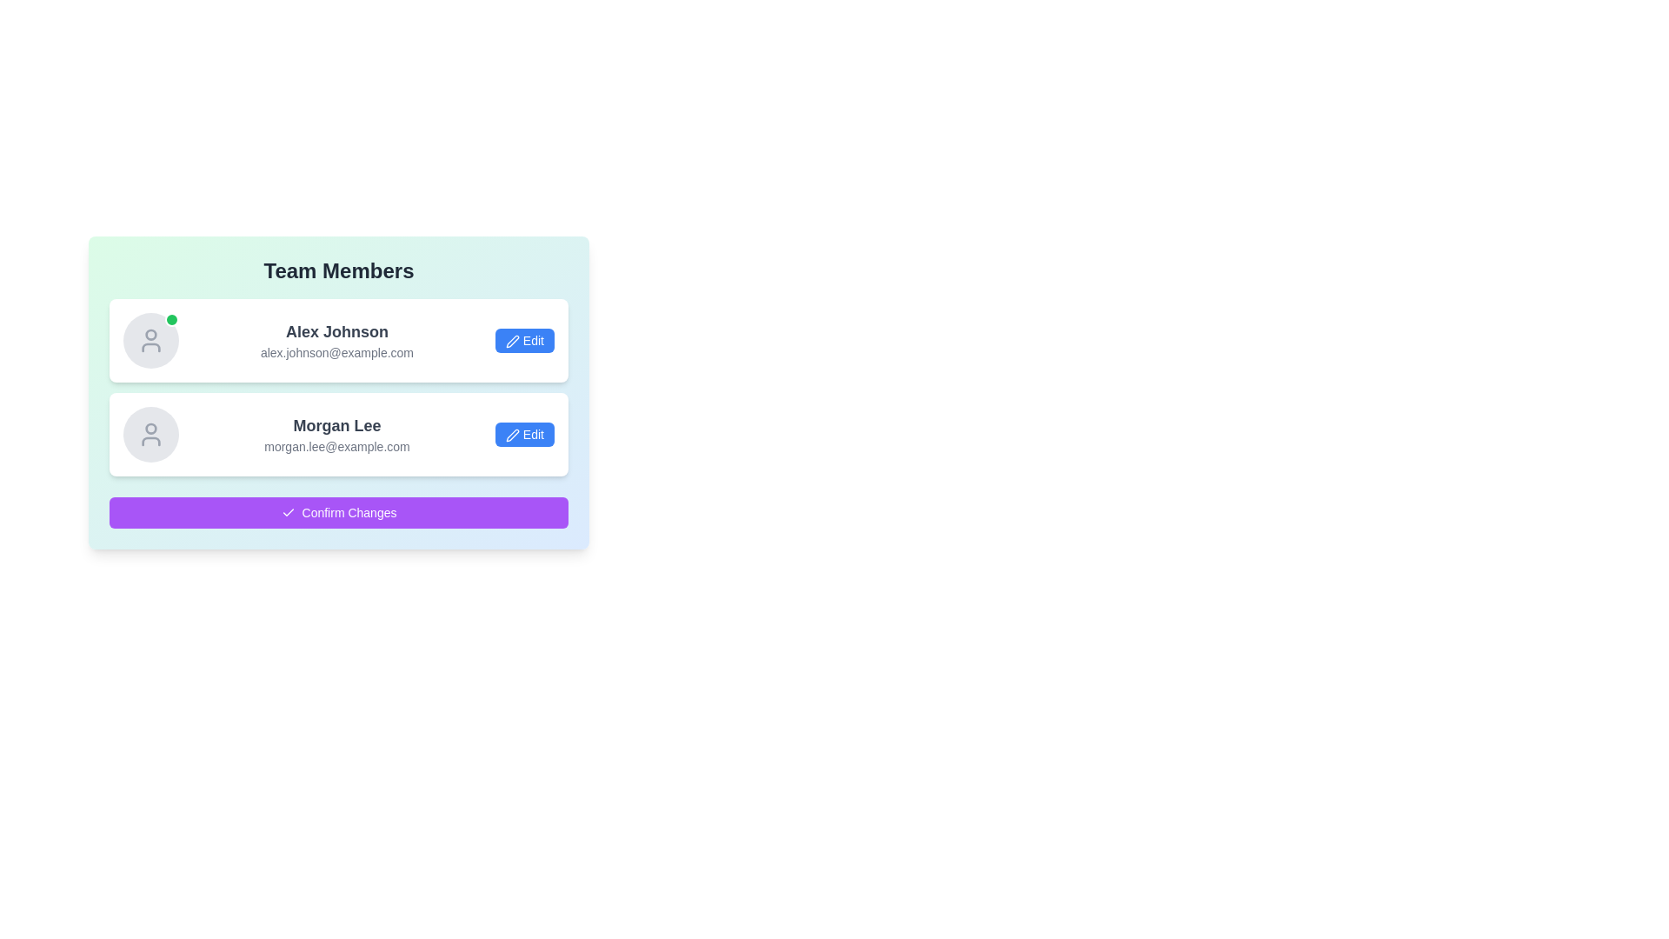 Image resolution: width=1669 pixels, height=939 pixels. What do you see at coordinates (524, 341) in the screenshot?
I see `the 'Edit' button located to the right of 'Alex Johnson' and 'alex.johnson@example.com'` at bounding box center [524, 341].